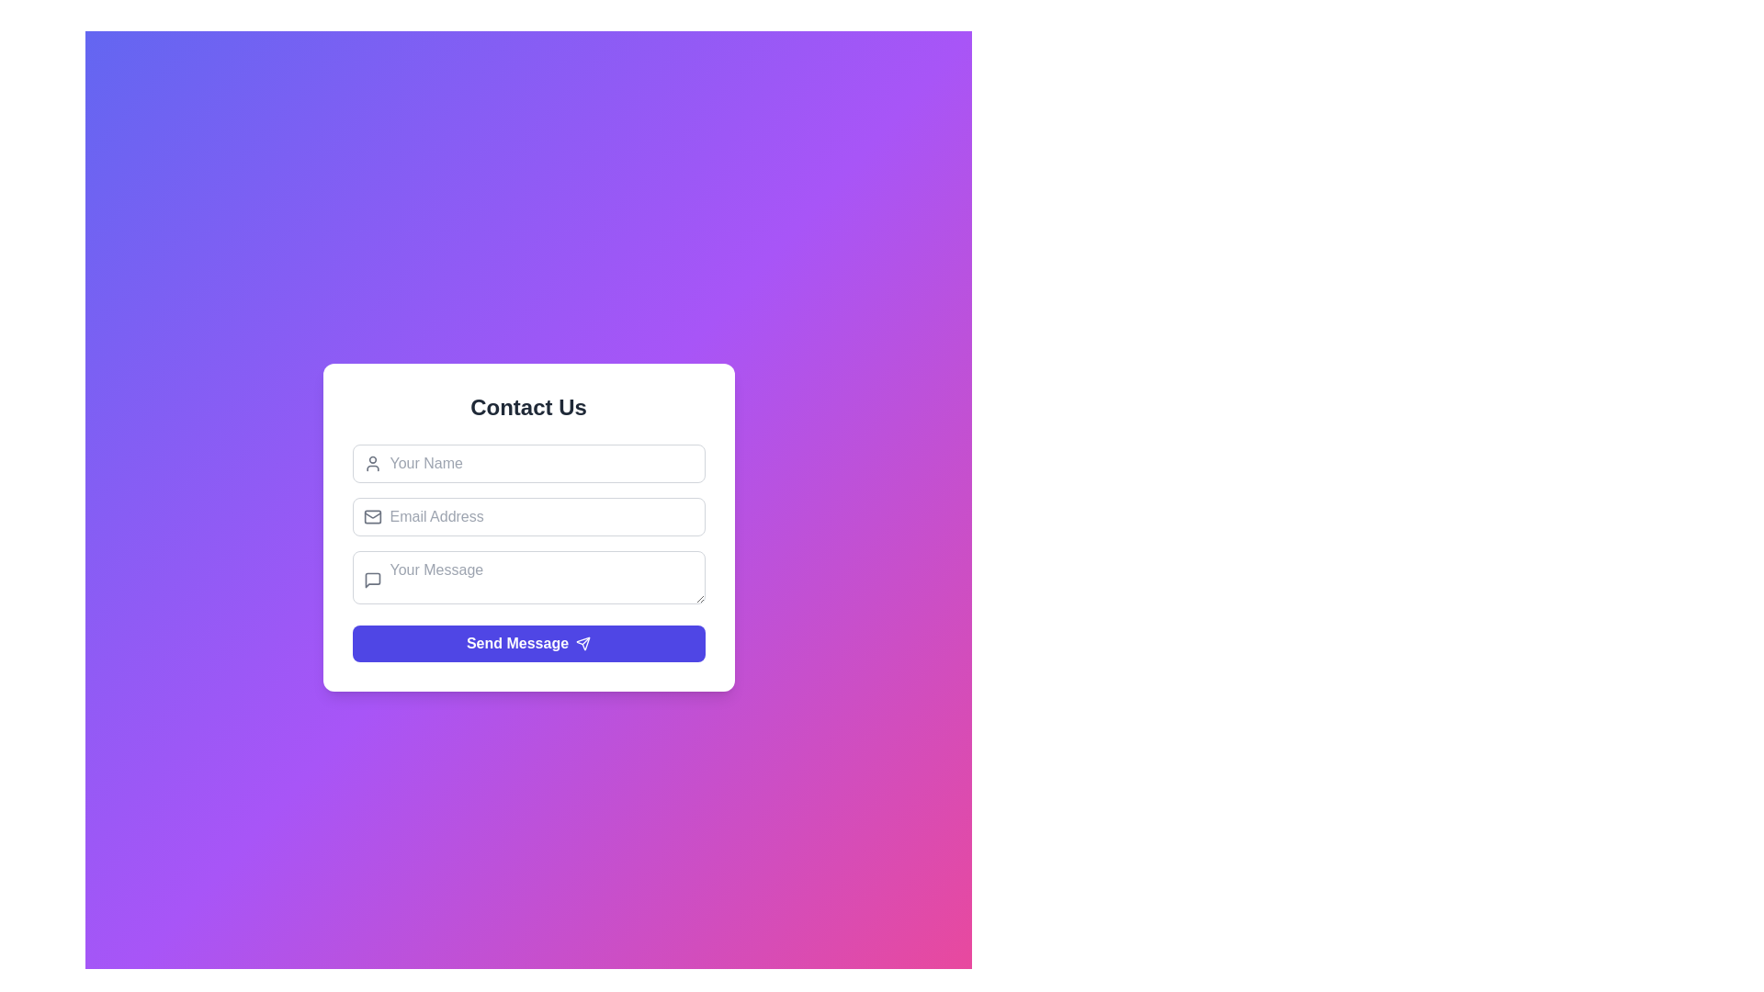 The width and height of the screenshot is (1764, 992). I want to click on inside the email input field in the 'Contact Us' form to focus on it, so click(527, 516).